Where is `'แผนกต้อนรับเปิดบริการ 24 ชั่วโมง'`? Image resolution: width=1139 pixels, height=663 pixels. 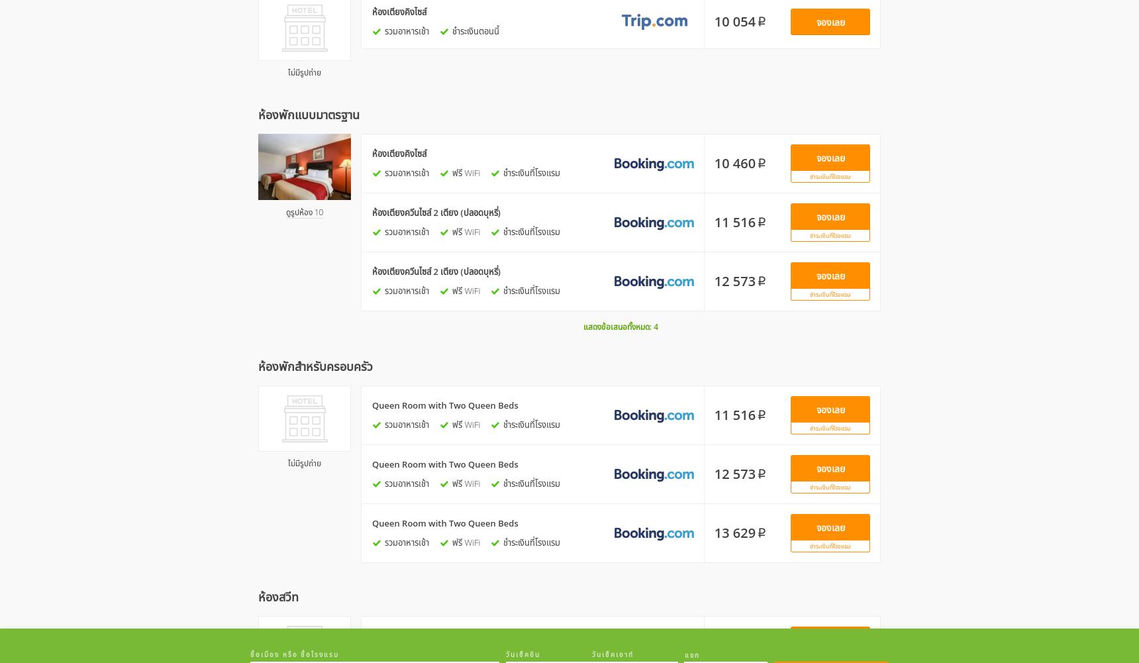
'แผนกต้อนรับเปิดบริการ 24 ชั่วโมง' is located at coordinates (482, 198).